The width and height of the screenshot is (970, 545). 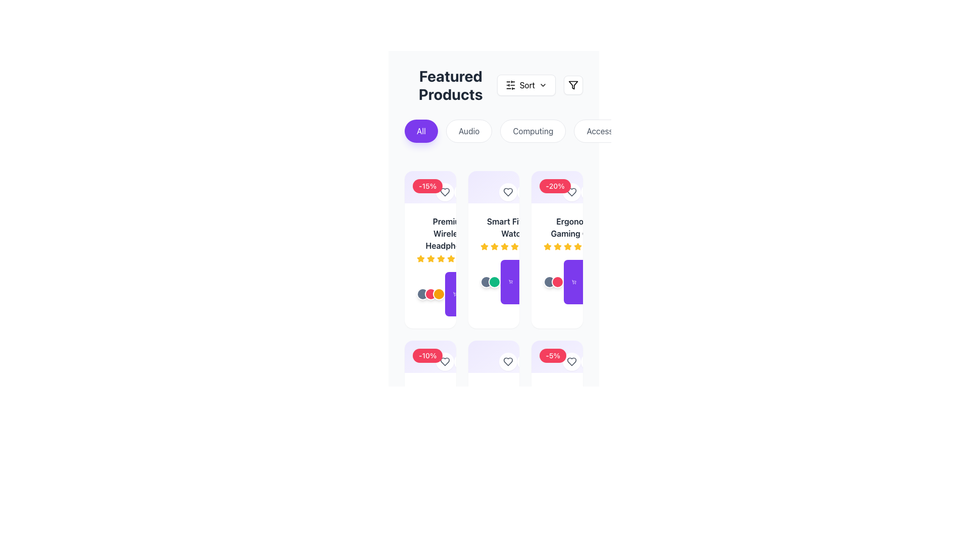 I want to click on the icon for adjusting or filtering settings located within the 'Sort' button at the top-right of the interface, so click(x=510, y=85).